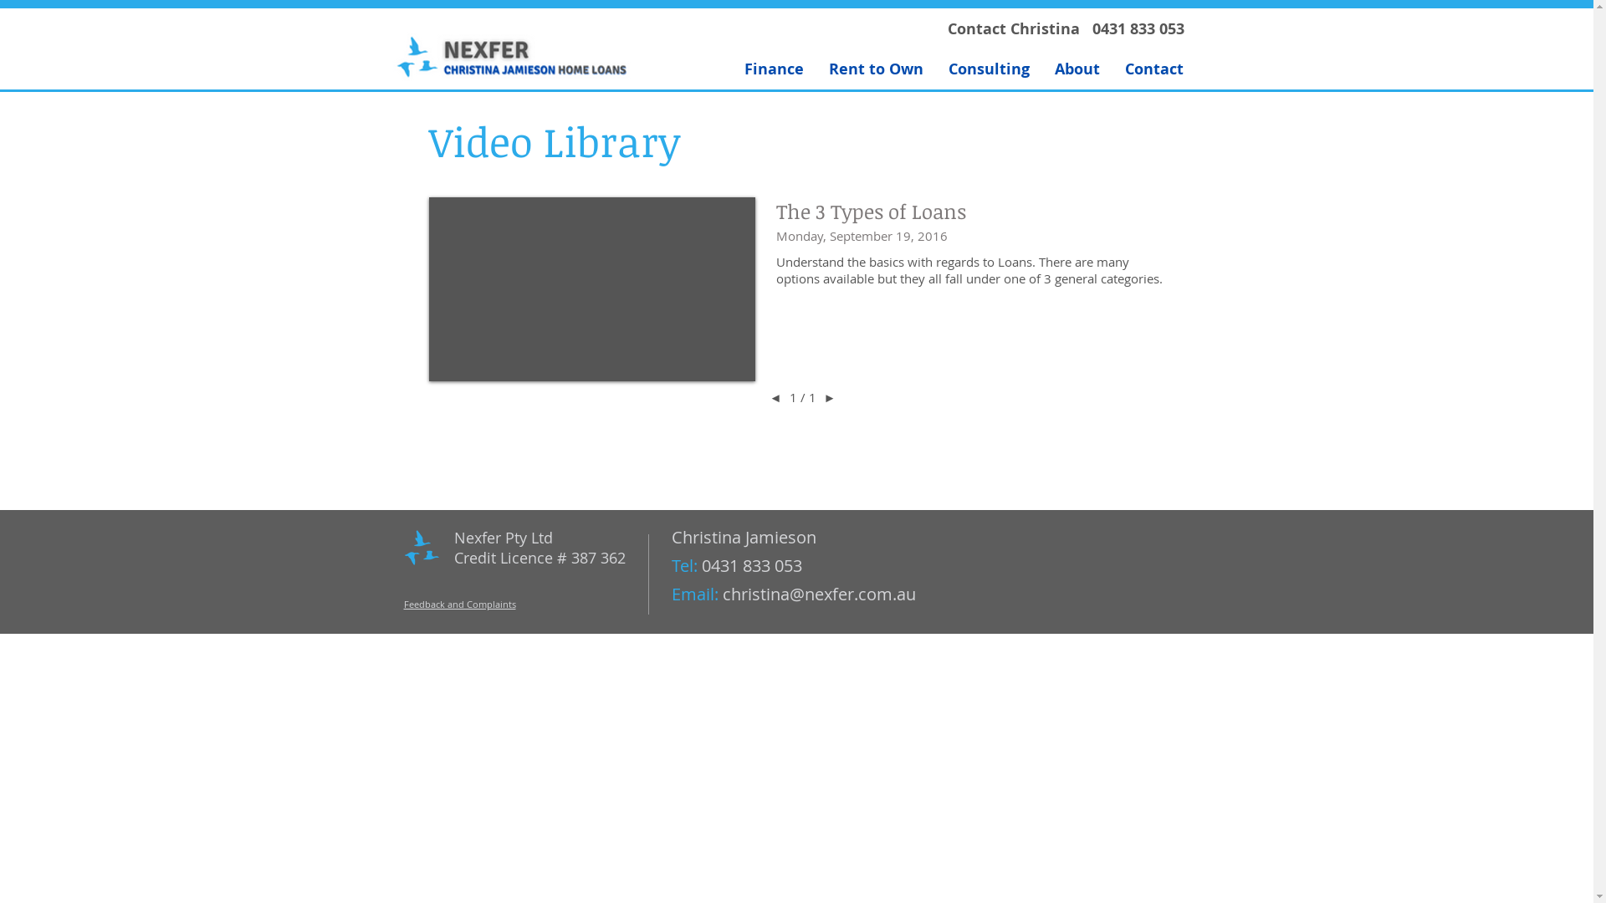 This screenshot has width=1606, height=903. I want to click on 'Contact', so click(1153, 68).